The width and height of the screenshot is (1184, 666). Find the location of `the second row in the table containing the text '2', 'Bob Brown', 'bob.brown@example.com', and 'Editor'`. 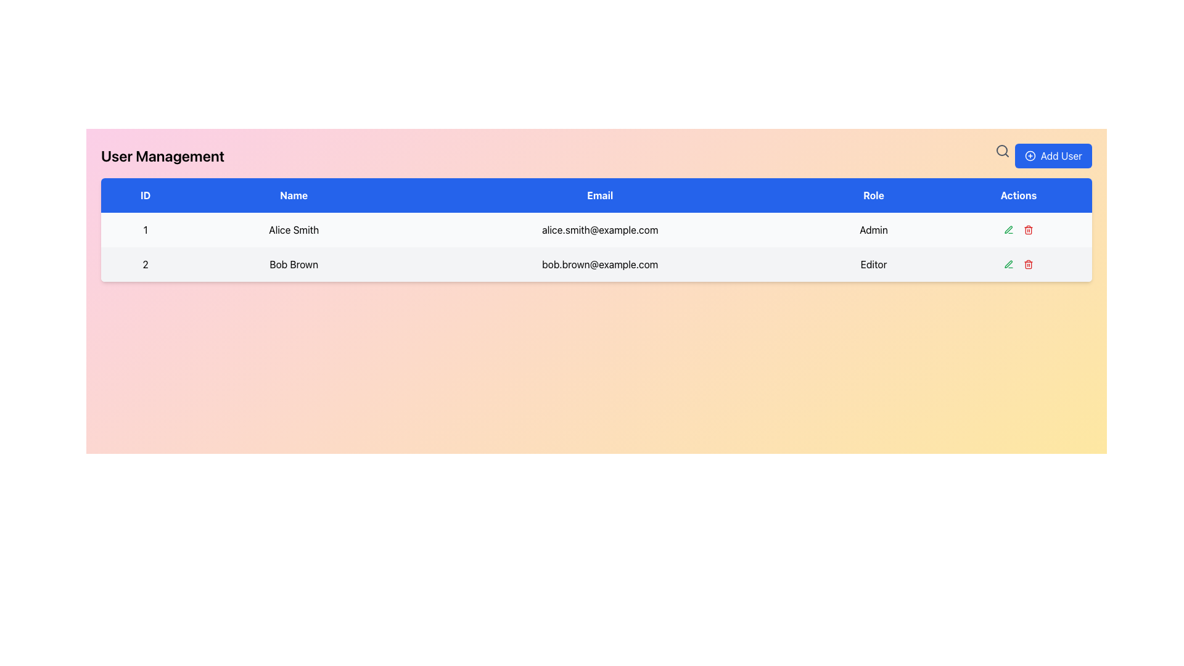

the second row in the table containing the text '2', 'Bob Brown', 'bob.brown@example.com', and 'Editor' is located at coordinates (596, 263).